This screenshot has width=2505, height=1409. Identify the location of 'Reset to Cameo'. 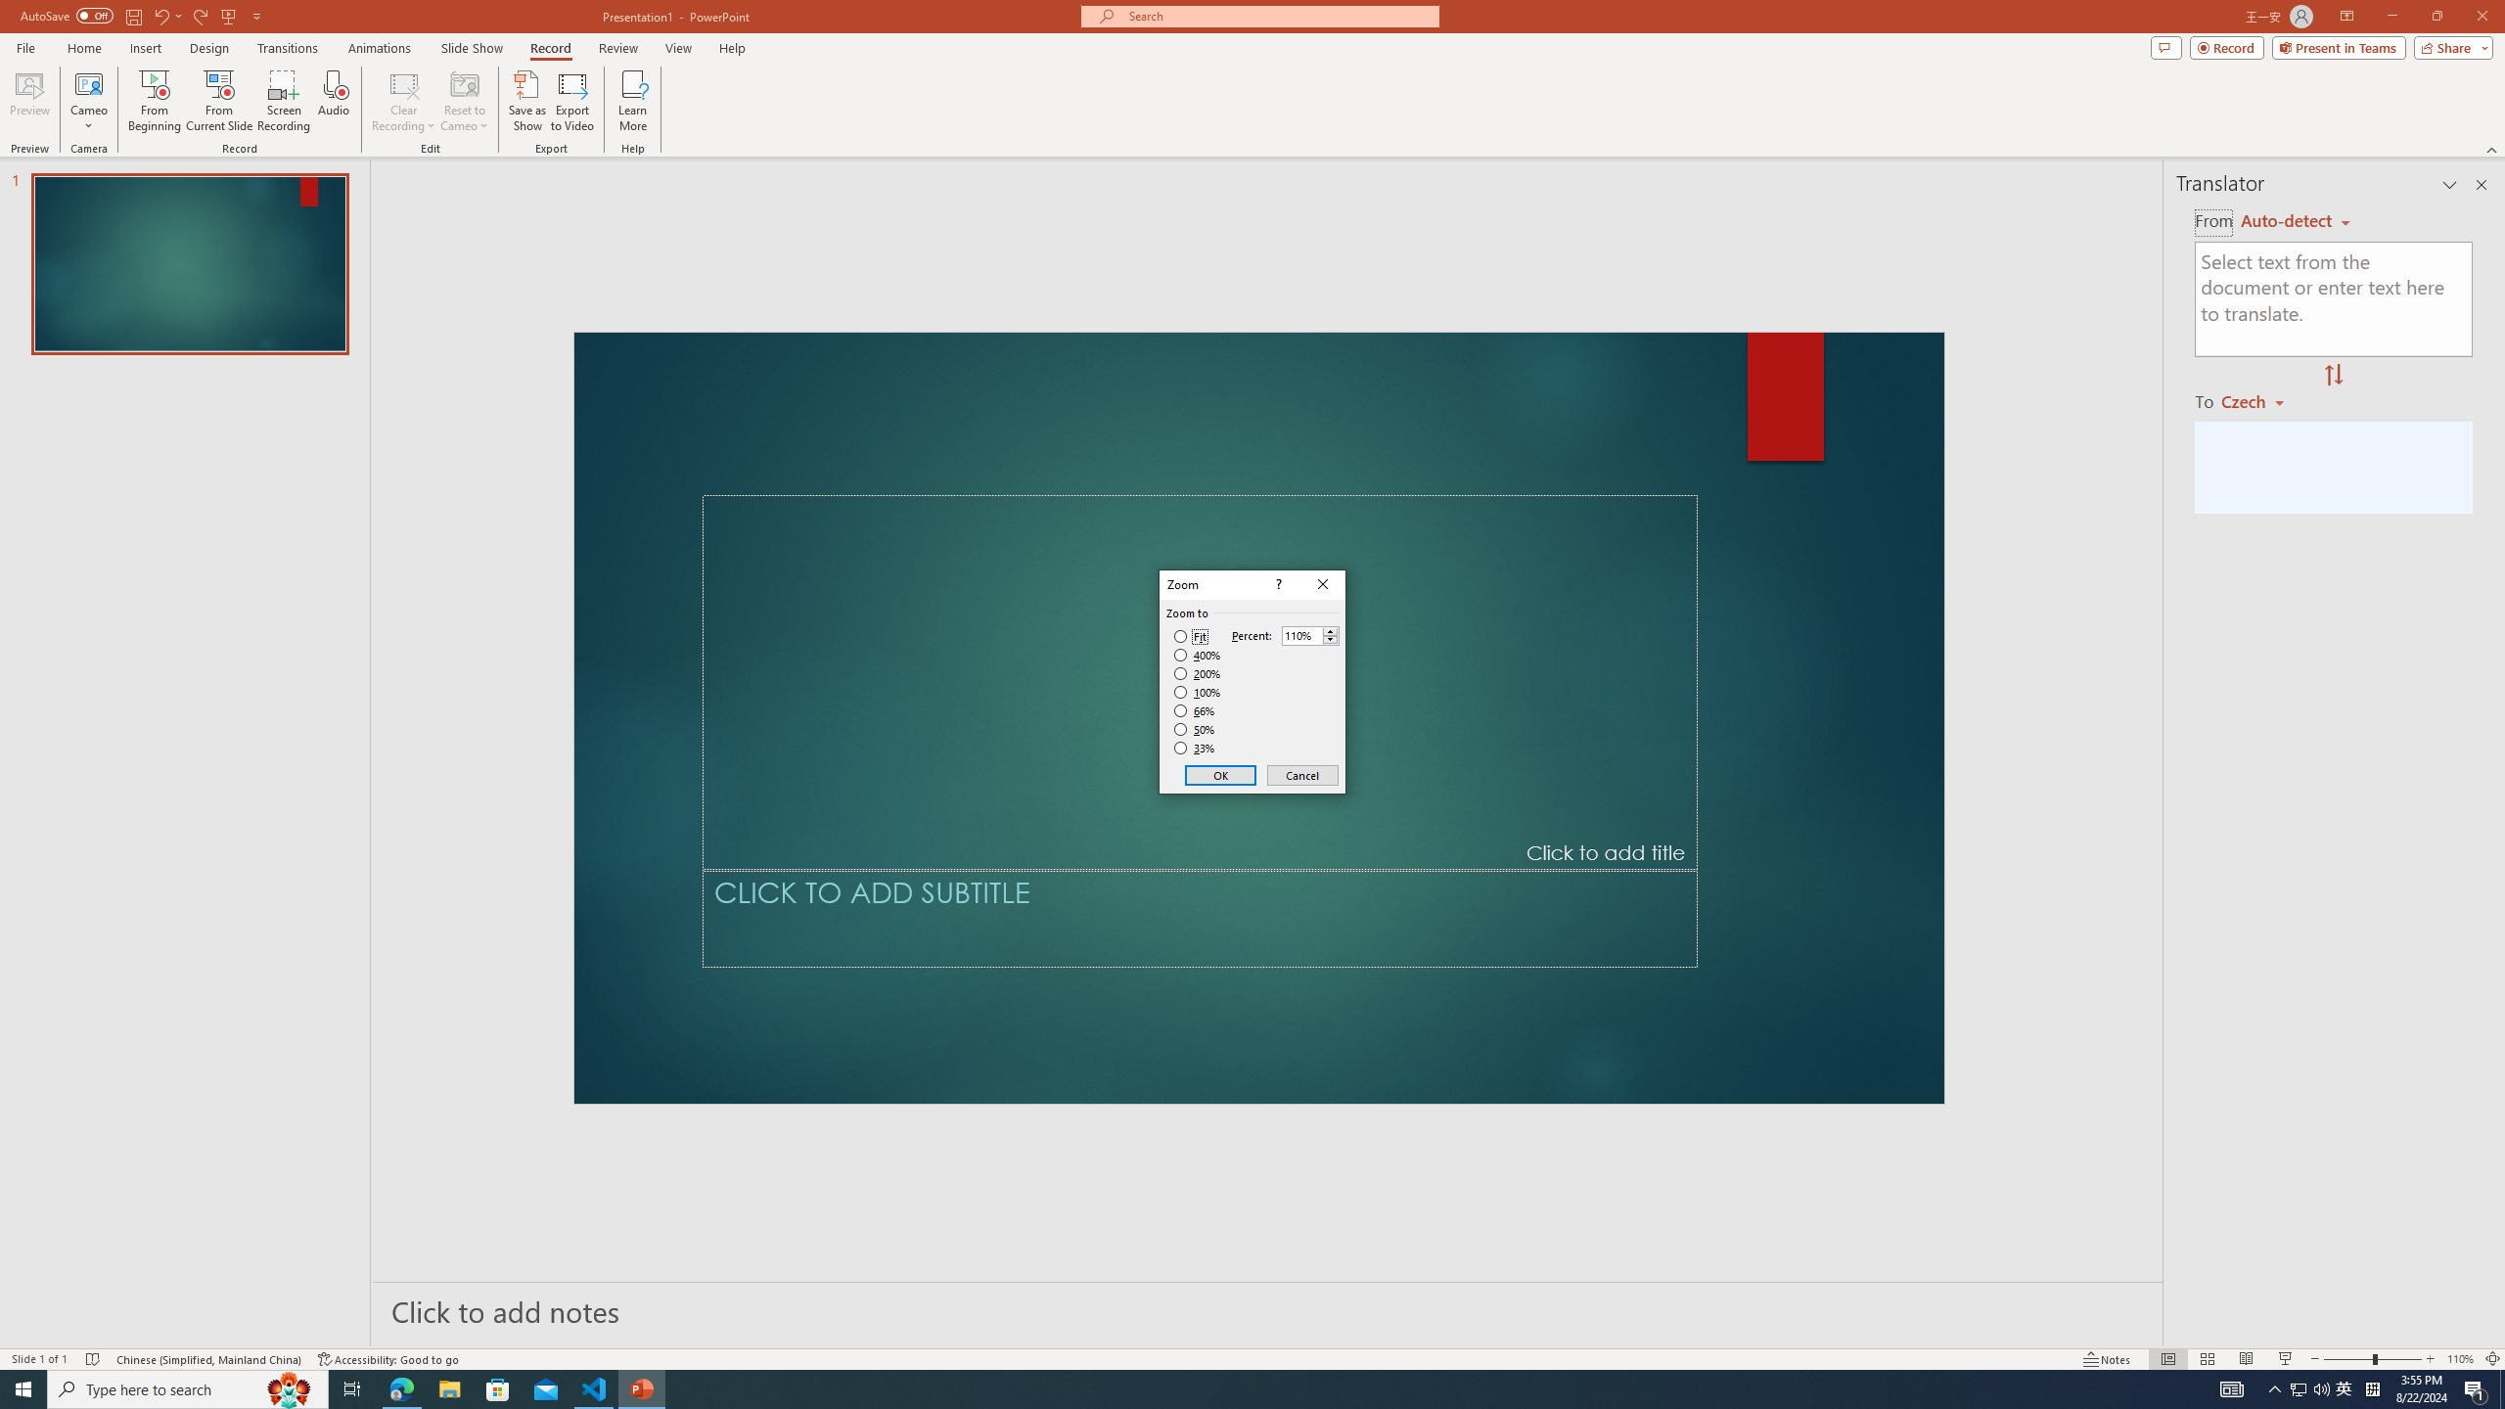
(463, 101).